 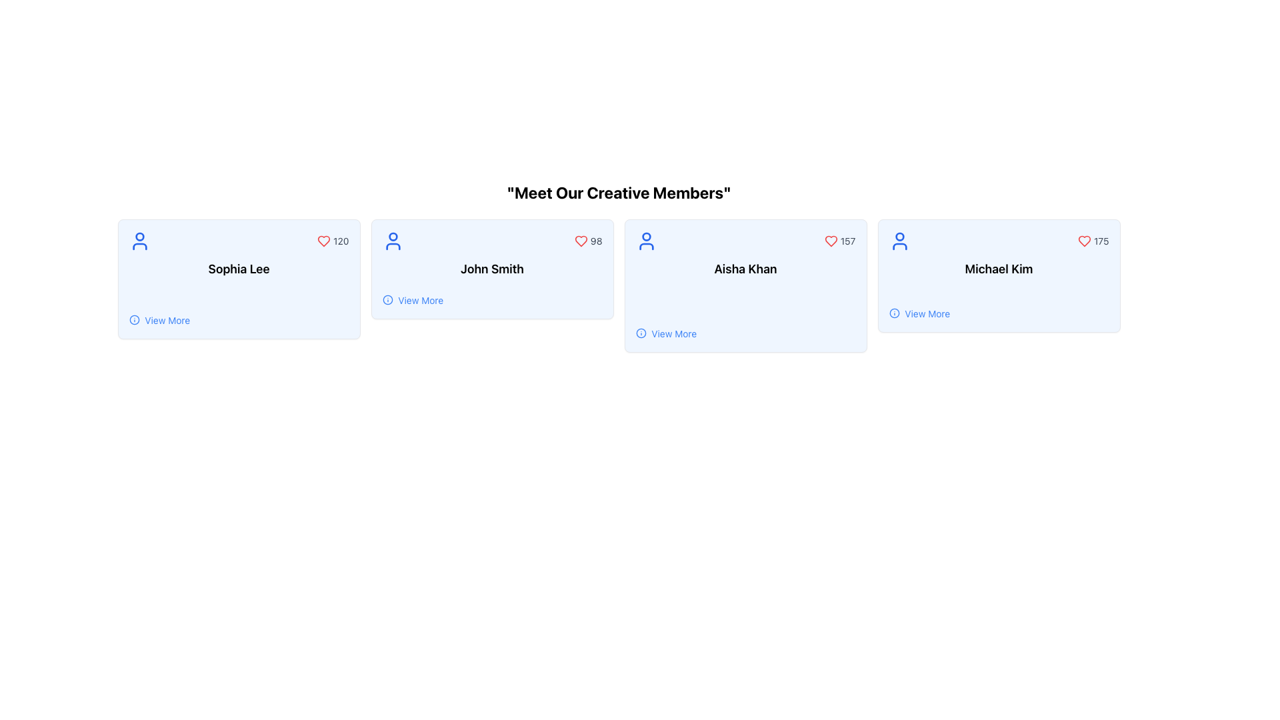 I want to click on the 'View More' hyperlink with an information icon located at the bottom-left corner of the 'Sophia Lee' card, so click(x=159, y=321).